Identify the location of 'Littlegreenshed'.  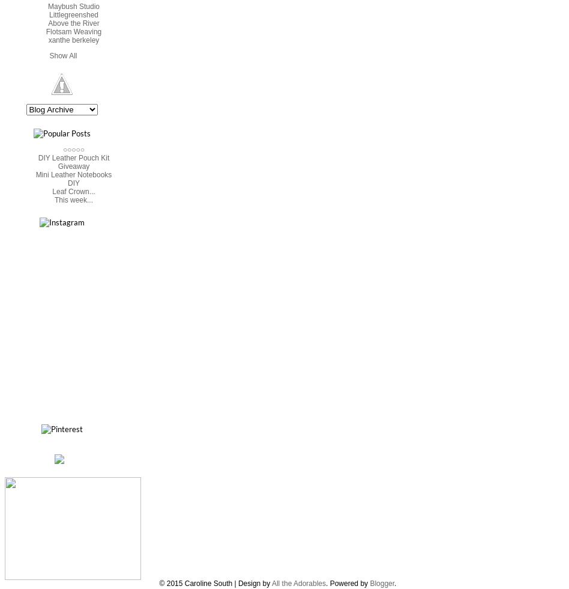
(73, 14).